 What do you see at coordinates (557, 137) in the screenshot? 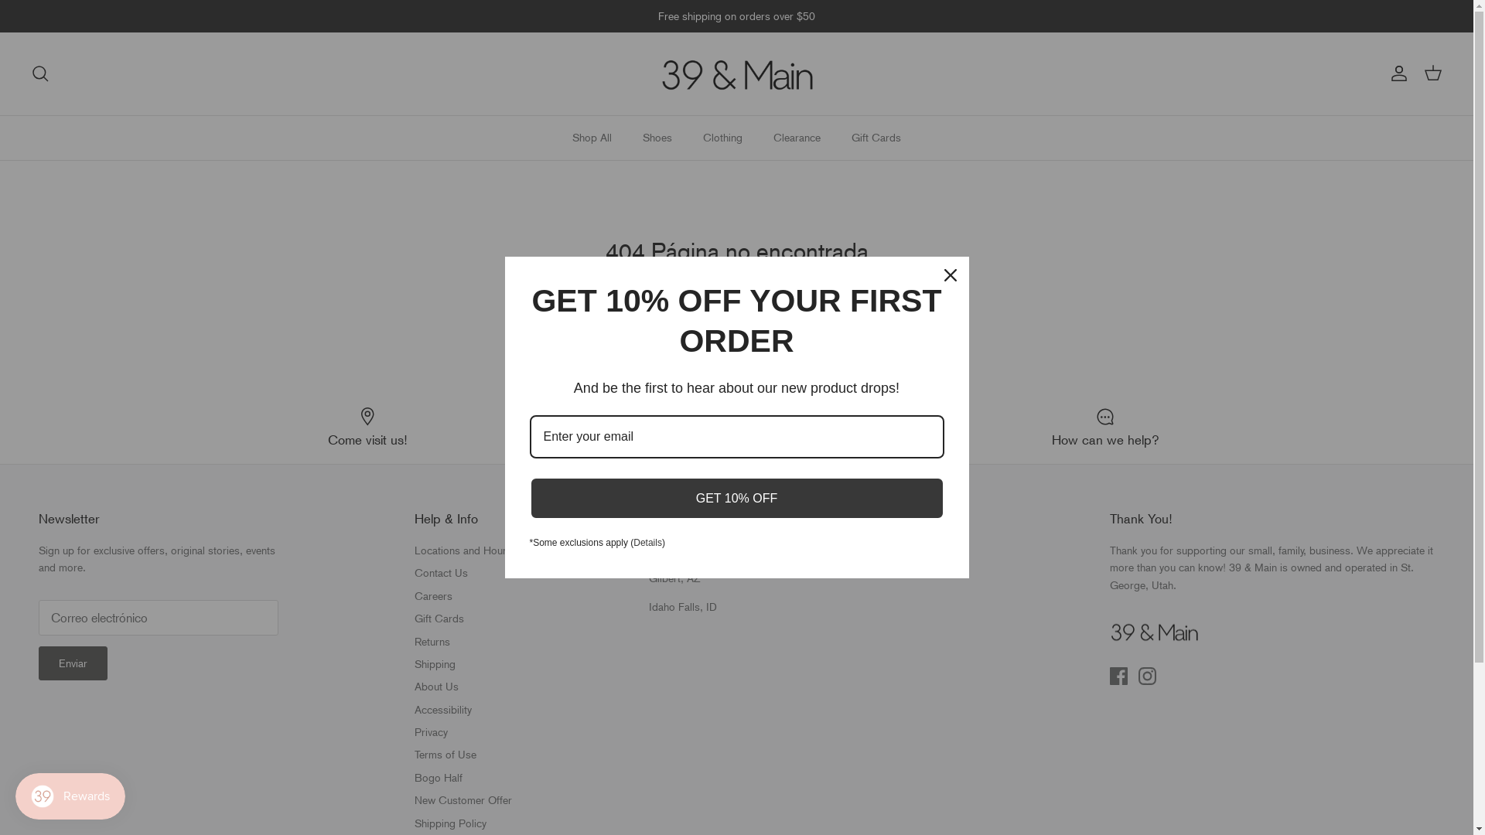
I see `'Shop All'` at bounding box center [557, 137].